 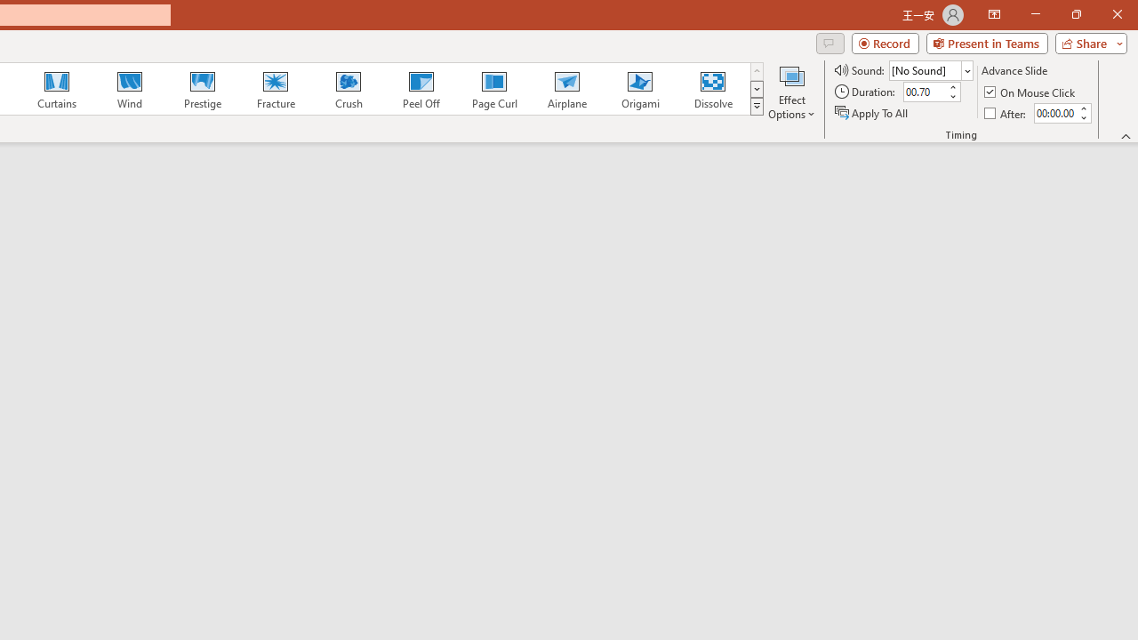 What do you see at coordinates (1030, 92) in the screenshot?
I see `'On Mouse Click'` at bounding box center [1030, 92].